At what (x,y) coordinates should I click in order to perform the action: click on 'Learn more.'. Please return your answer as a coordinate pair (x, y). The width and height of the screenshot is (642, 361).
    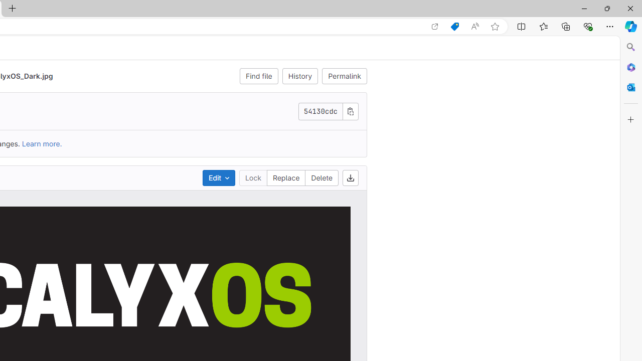
    Looking at the image, I should click on (41, 143).